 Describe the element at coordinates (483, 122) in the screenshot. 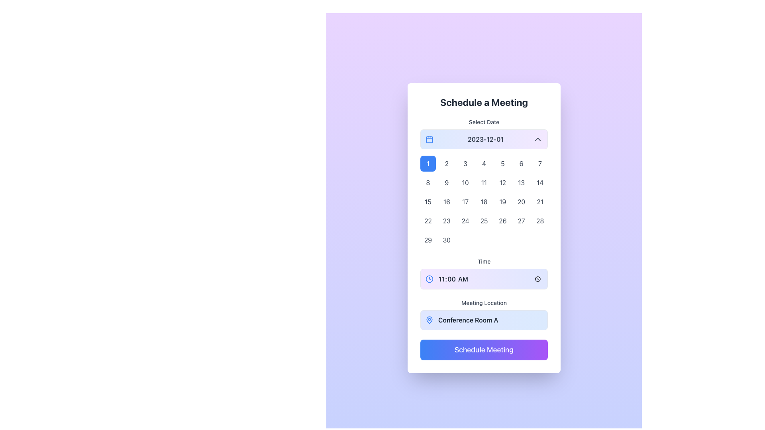

I see `the text label that describes the purpose of the adjacent date selection field, which is located above the date display field showing '2023-12-01'` at that location.